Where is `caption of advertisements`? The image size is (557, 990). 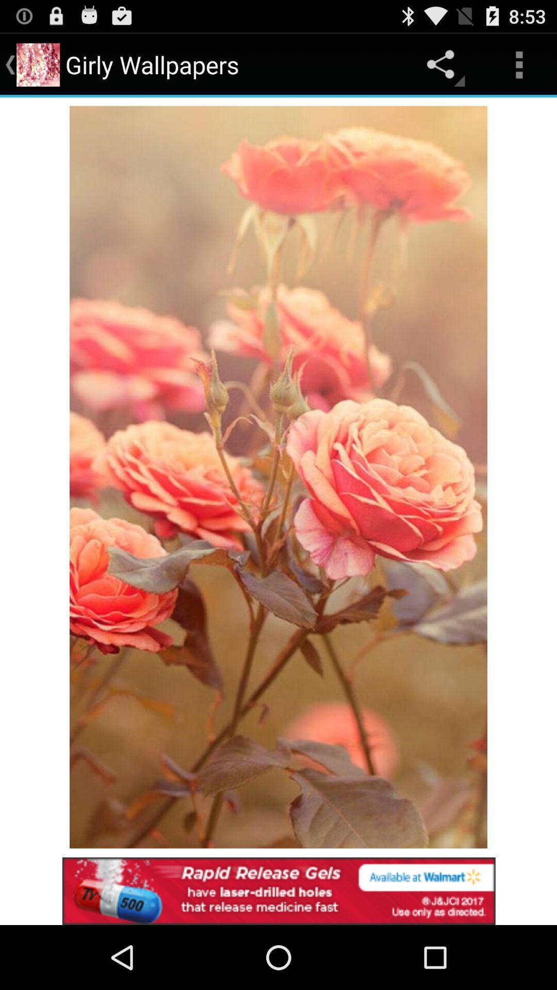 caption of advertisements is located at coordinates (278, 890).